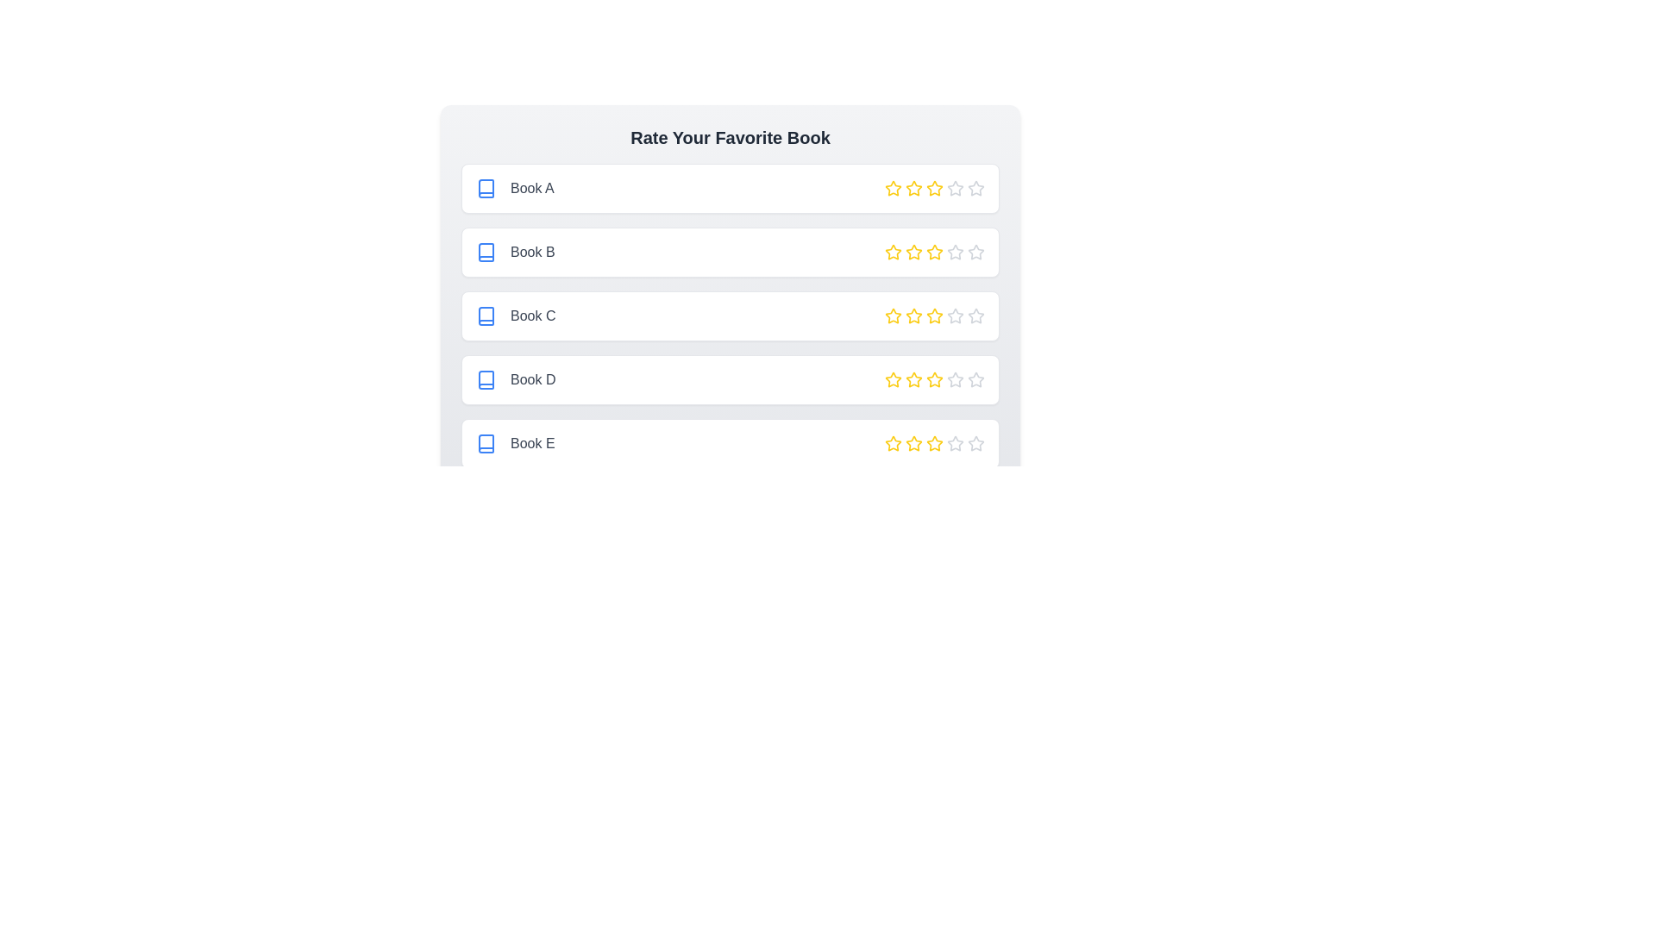 Image resolution: width=1656 pixels, height=931 pixels. Describe the element at coordinates (934, 189) in the screenshot. I see `the star corresponding to 3 stars for the book titled Book A` at that location.